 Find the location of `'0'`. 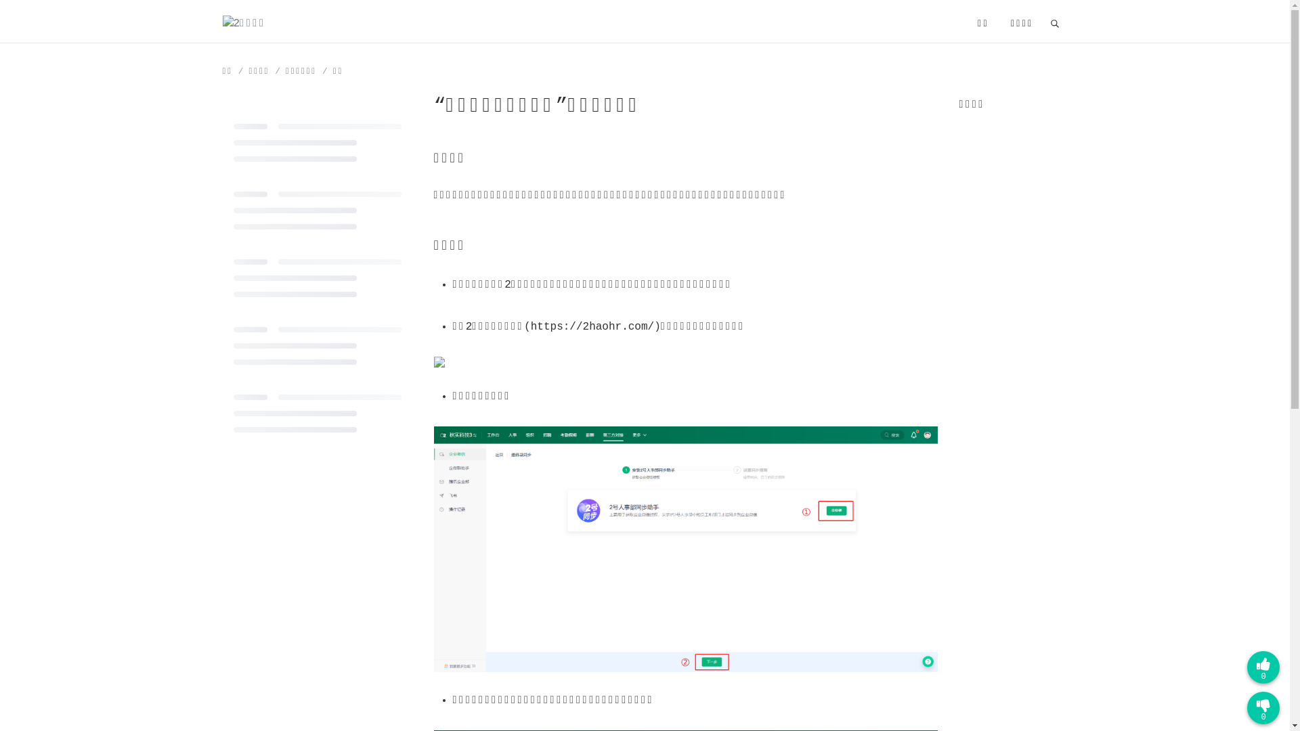

'0' is located at coordinates (1263, 707).